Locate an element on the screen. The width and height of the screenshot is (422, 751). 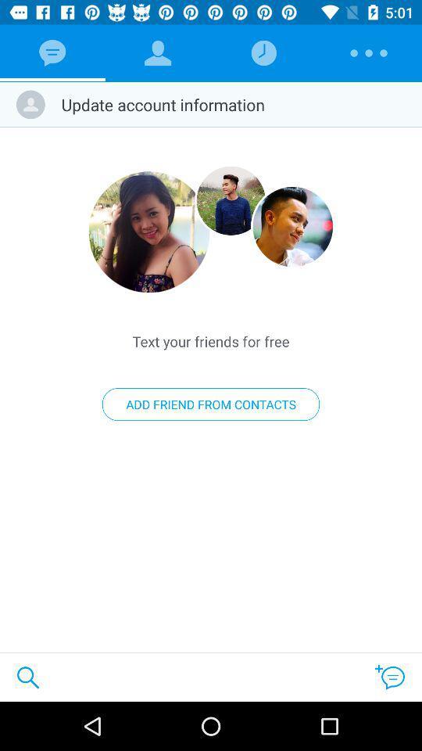
option is located at coordinates (230, 199).